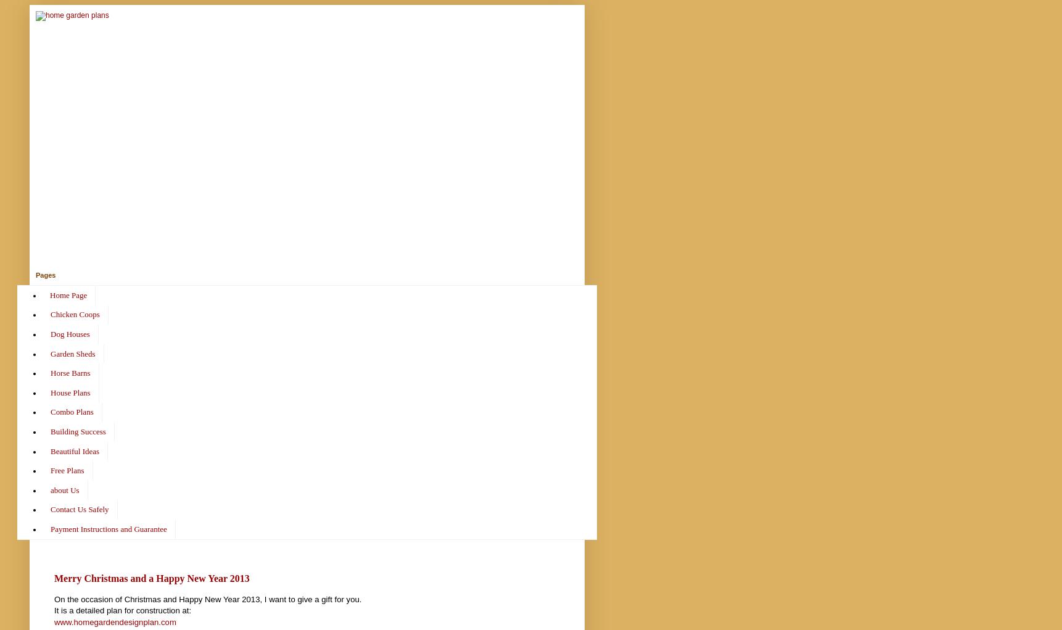 This screenshot has height=630, width=1062. I want to click on 'It is a detailed plan for construction at:', so click(122, 610).